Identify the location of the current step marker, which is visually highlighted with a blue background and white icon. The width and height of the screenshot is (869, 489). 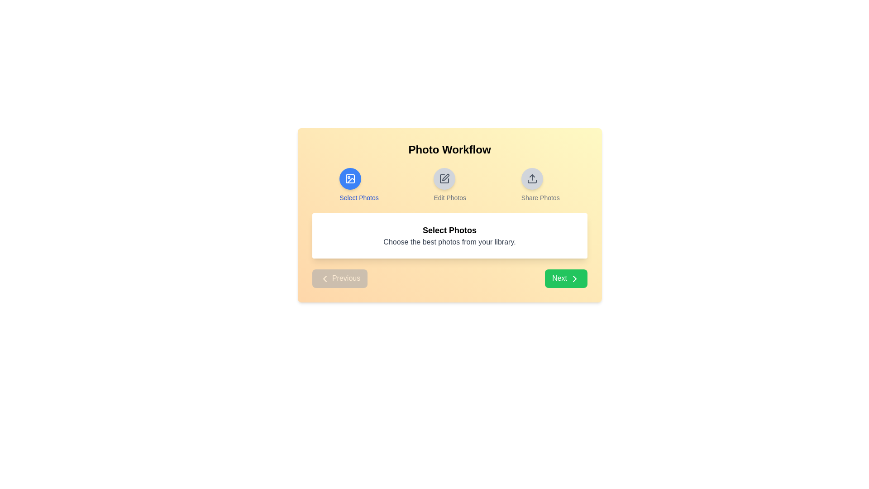
(349, 178).